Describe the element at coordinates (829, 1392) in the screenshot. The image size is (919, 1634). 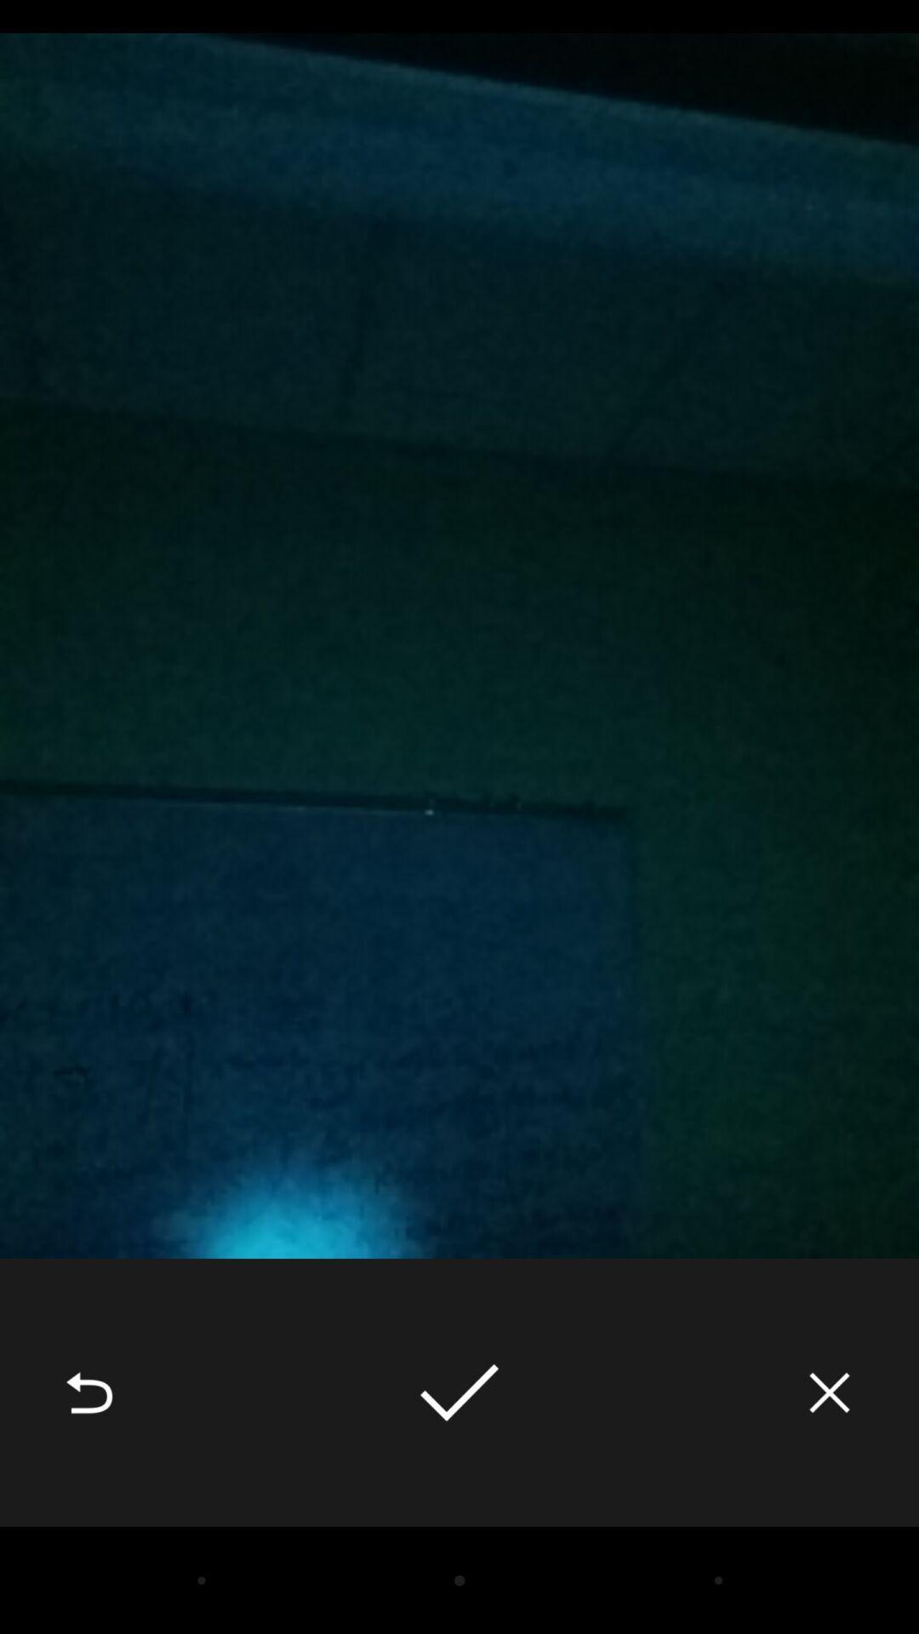
I see `the icon at the bottom right corner` at that location.